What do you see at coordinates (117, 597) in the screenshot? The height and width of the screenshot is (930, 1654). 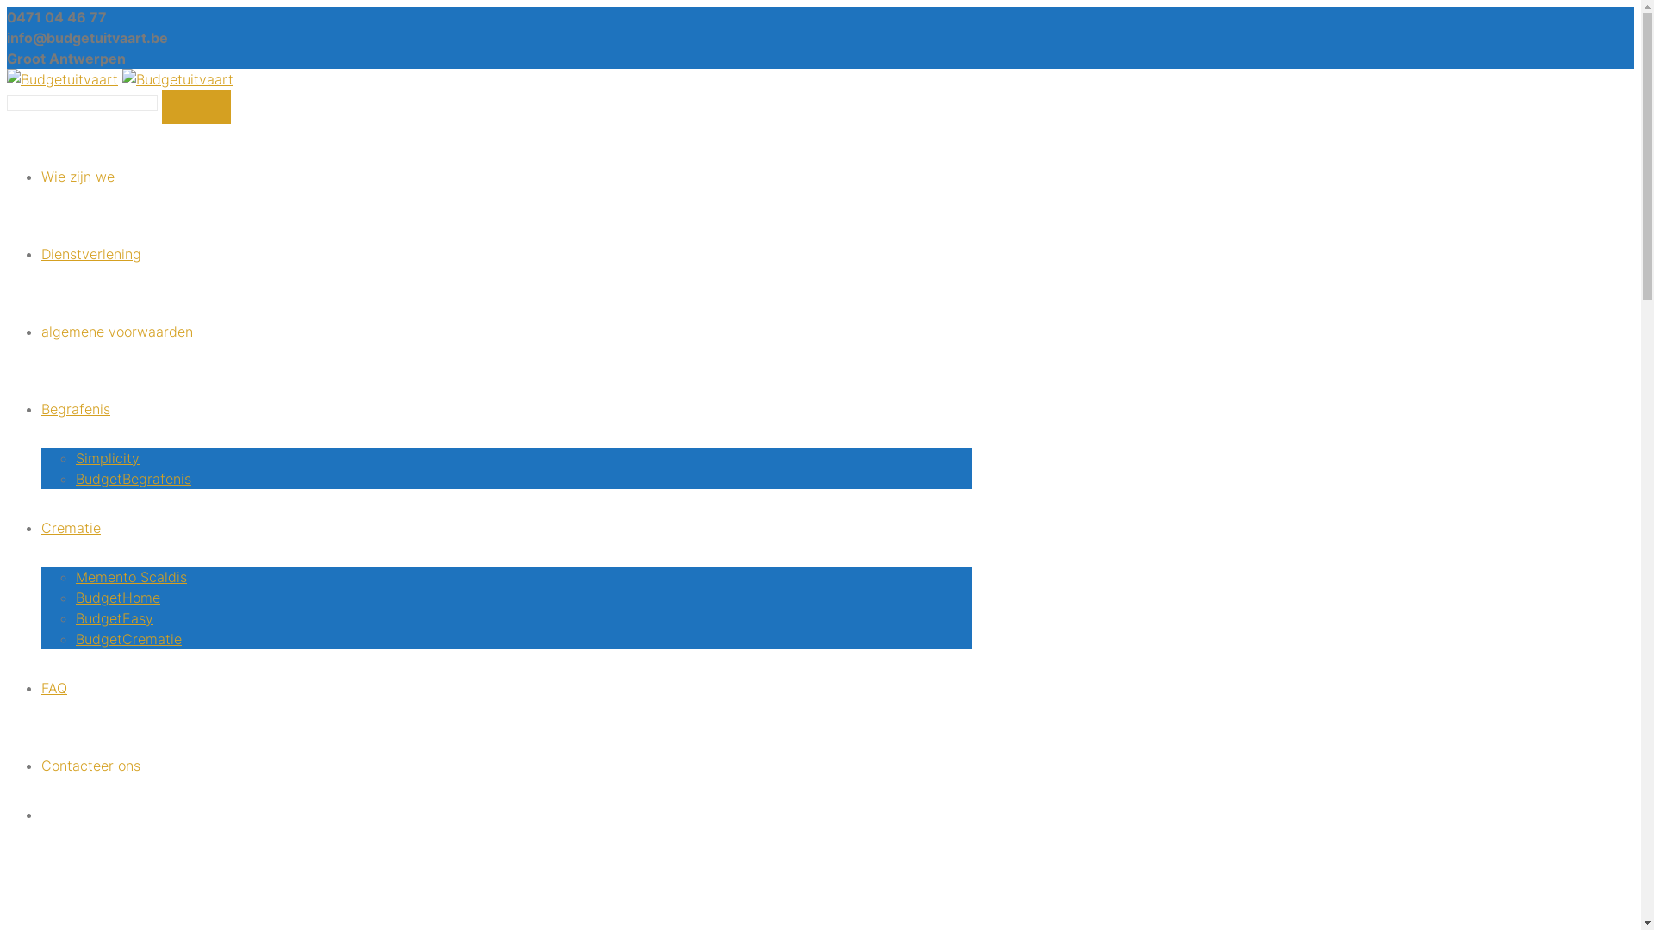 I see `'BudgetHome'` at bounding box center [117, 597].